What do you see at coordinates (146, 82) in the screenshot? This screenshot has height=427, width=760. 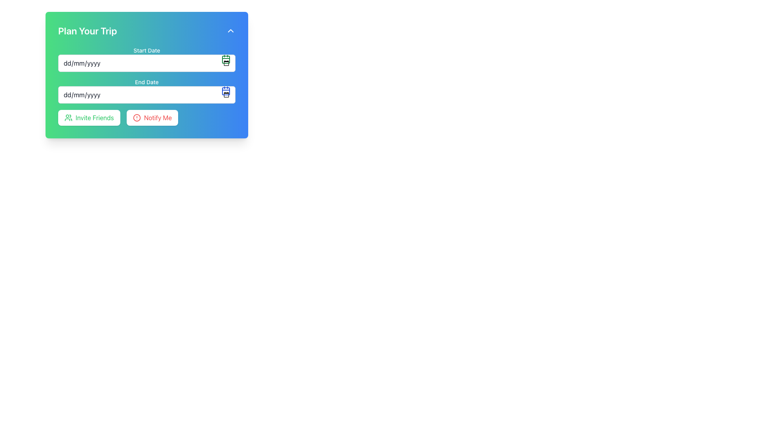 I see `the 'End Date' label, which is styled with a small font size and medium weight, positioned above the second date input field in a vertical stack of two labels` at bounding box center [146, 82].